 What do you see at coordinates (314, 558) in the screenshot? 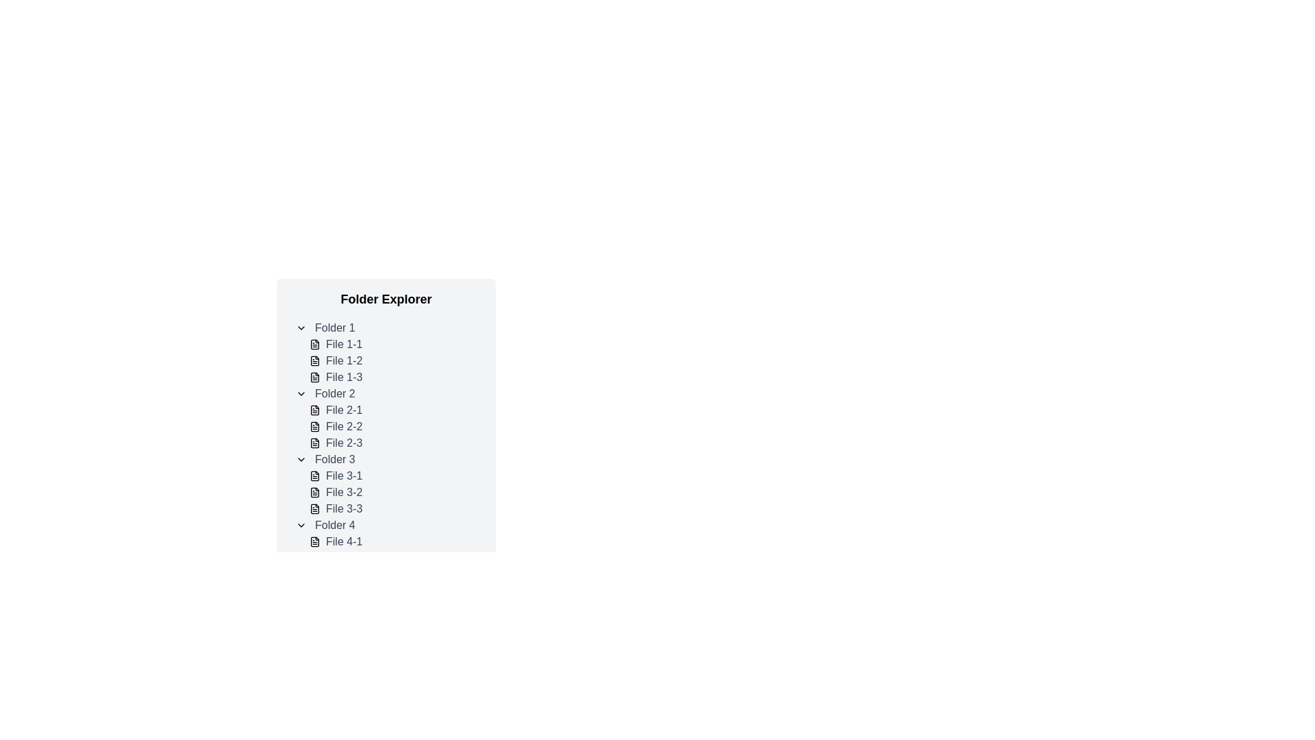
I see `the icon resembling a document or file, which is located to the left of the text 'File 4-2'` at bounding box center [314, 558].